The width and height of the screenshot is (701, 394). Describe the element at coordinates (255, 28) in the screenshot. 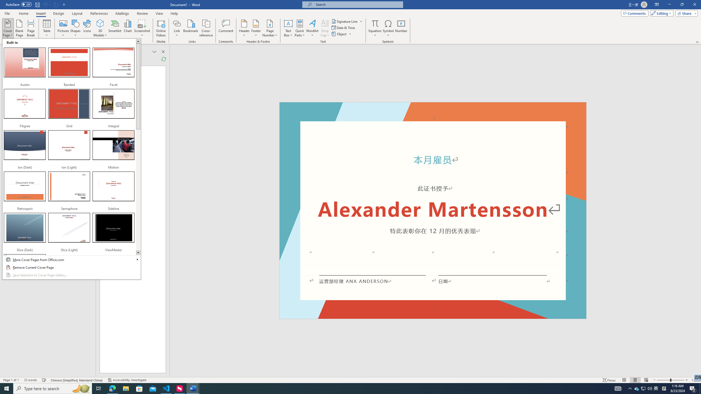

I see `'Footer'` at that location.